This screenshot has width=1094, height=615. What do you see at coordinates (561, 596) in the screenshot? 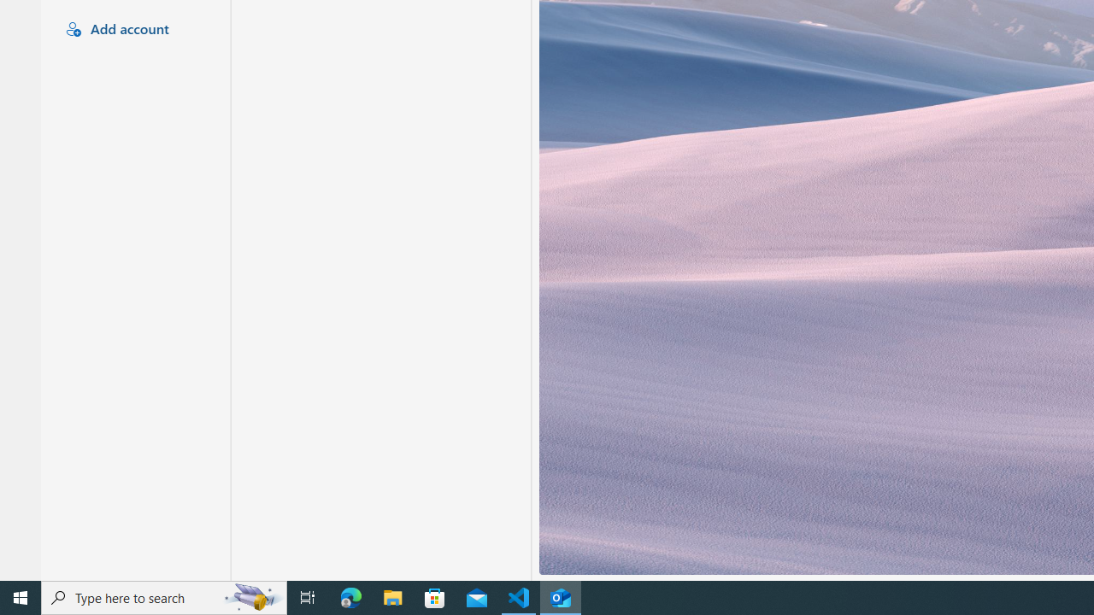
I see `'Outlook (new) - 1 running window'` at bounding box center [561, 596].